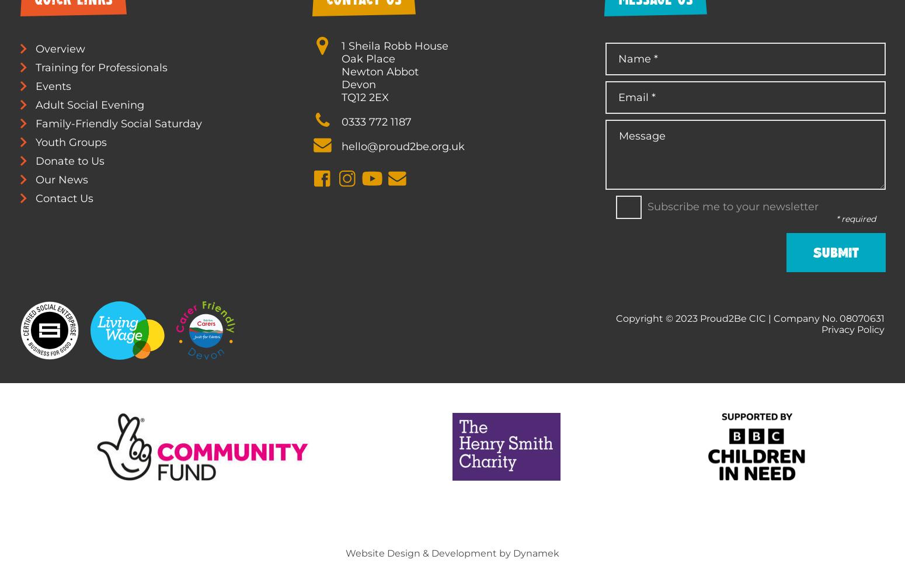  Describe the element at coordinates (646, 206) in the screenshot. I see `'Subscribe me to your newsletter'` at that location.